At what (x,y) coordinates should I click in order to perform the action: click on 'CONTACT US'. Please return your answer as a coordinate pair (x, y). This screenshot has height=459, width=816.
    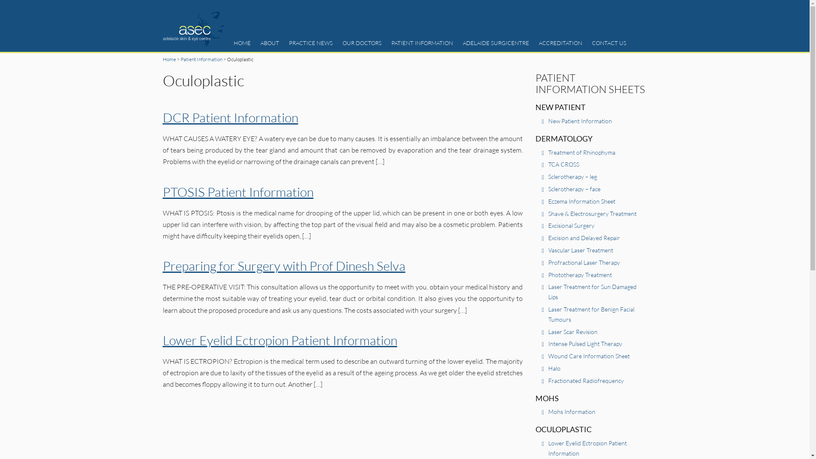
    Looking at the image, I should click on (609, 42).